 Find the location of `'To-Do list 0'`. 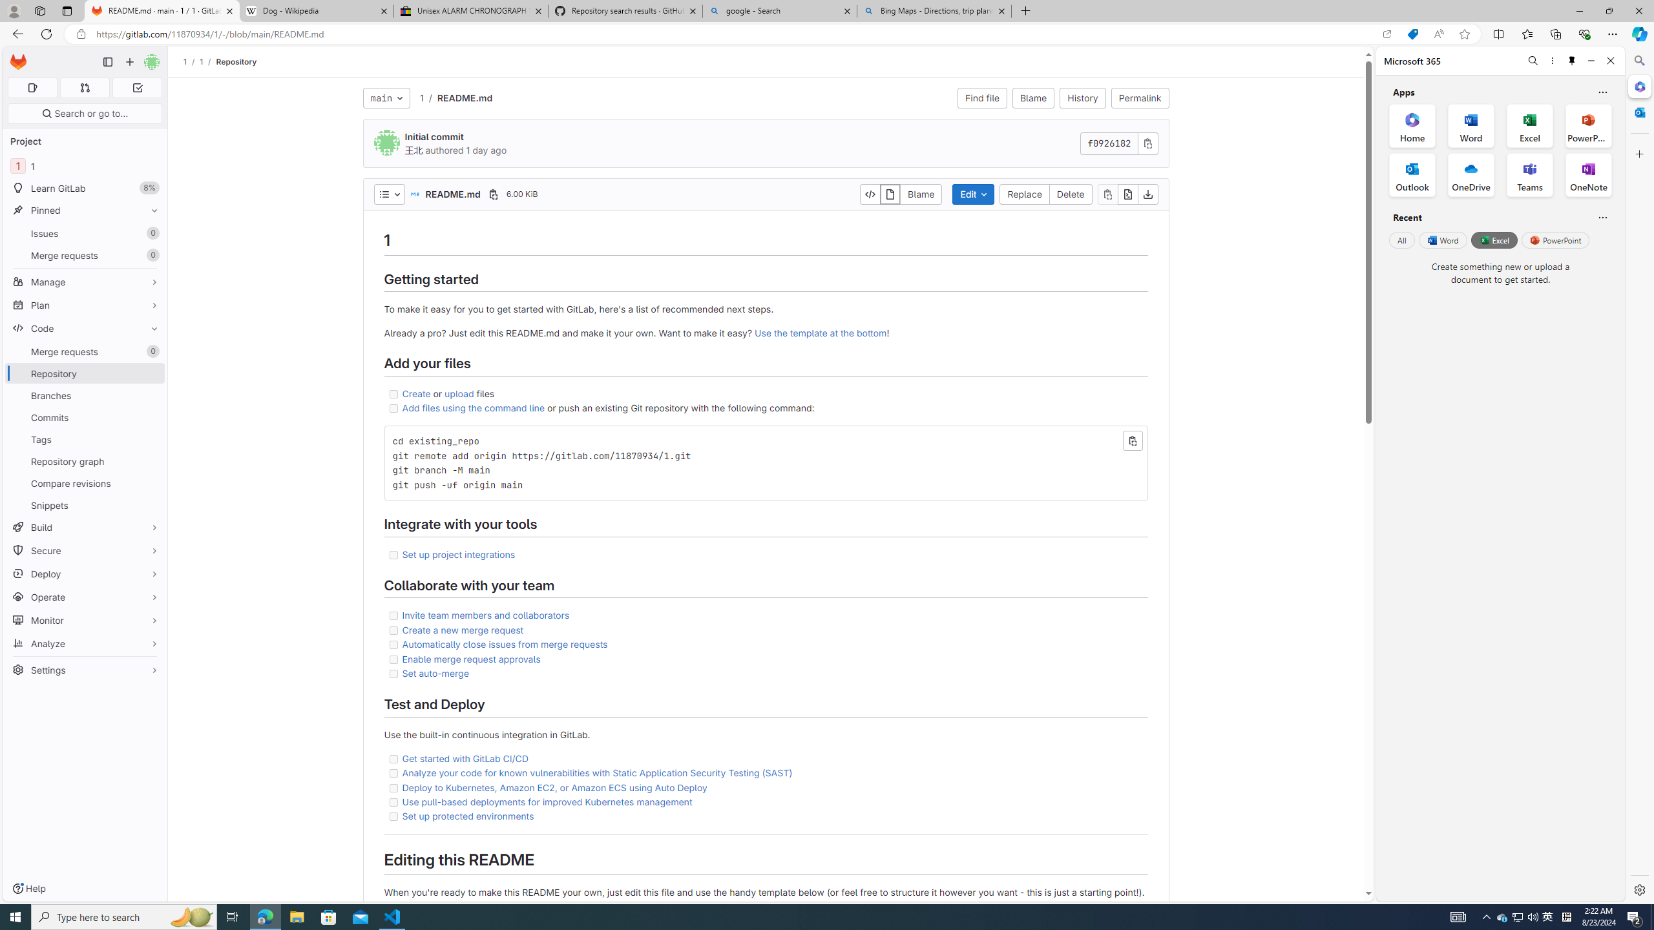

'To-Do list 0' is located at coordinates (136, 87).